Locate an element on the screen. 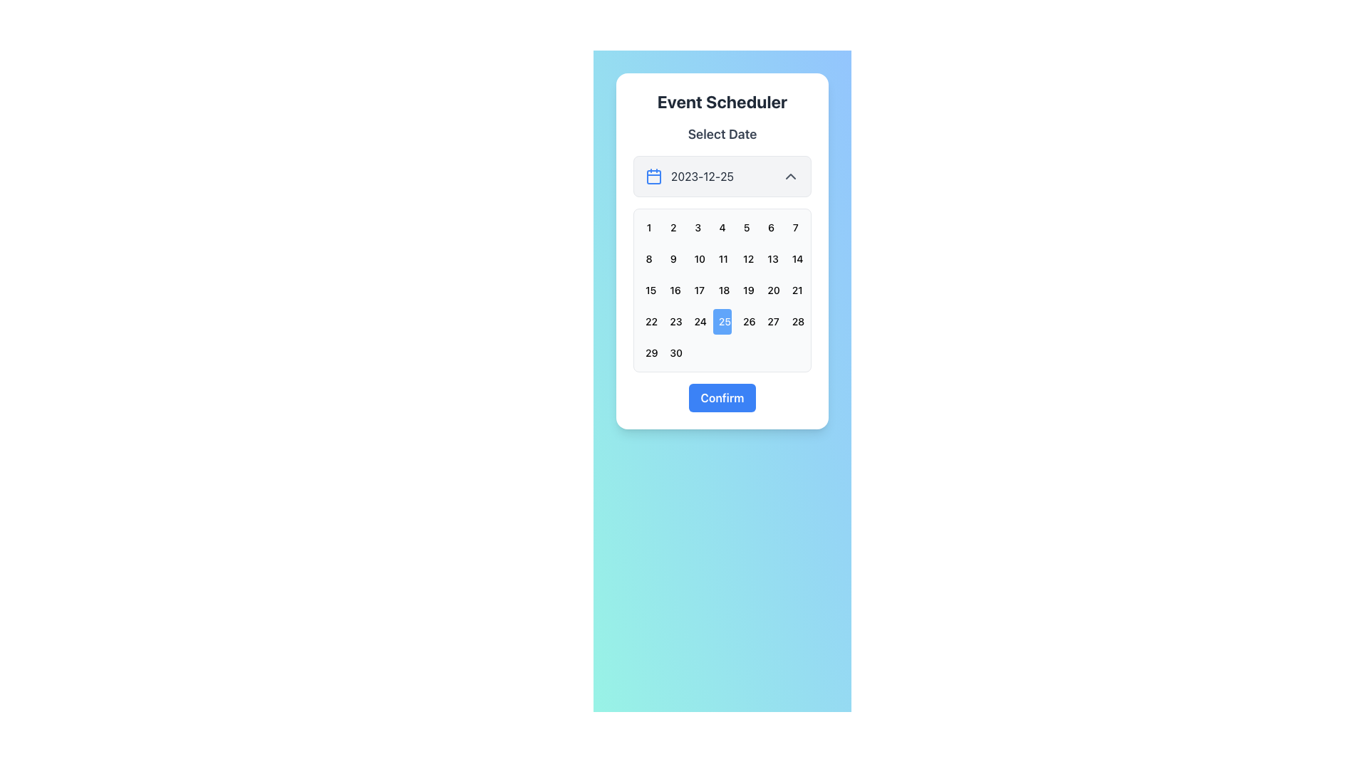 The height and width of the screenshot is (769, 1368). the calendar button representing the 22nd day, located is located at coordinates (648, 321).